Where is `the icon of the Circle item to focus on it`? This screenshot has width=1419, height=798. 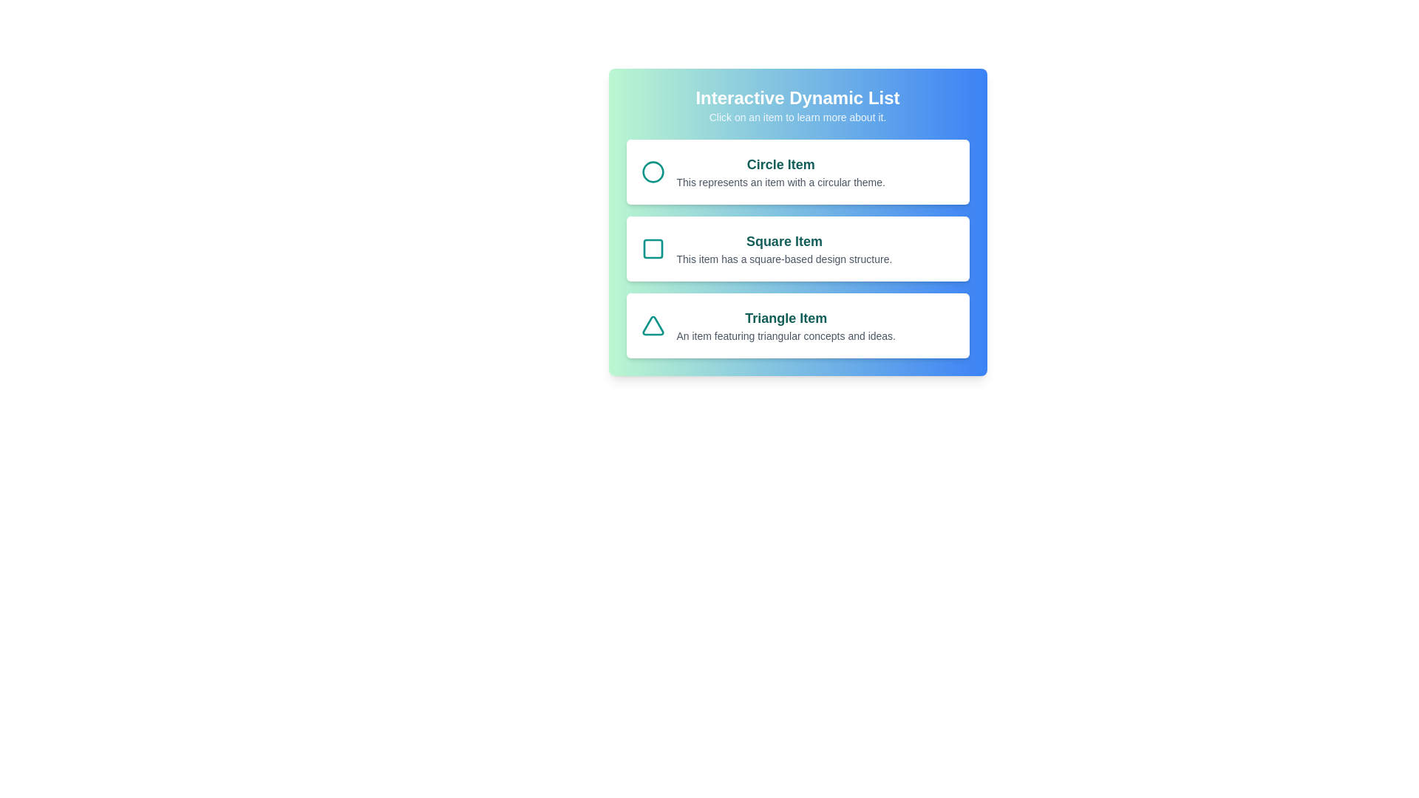
the icon of the Circle item to focus on it is located at coordinates (652, 171).